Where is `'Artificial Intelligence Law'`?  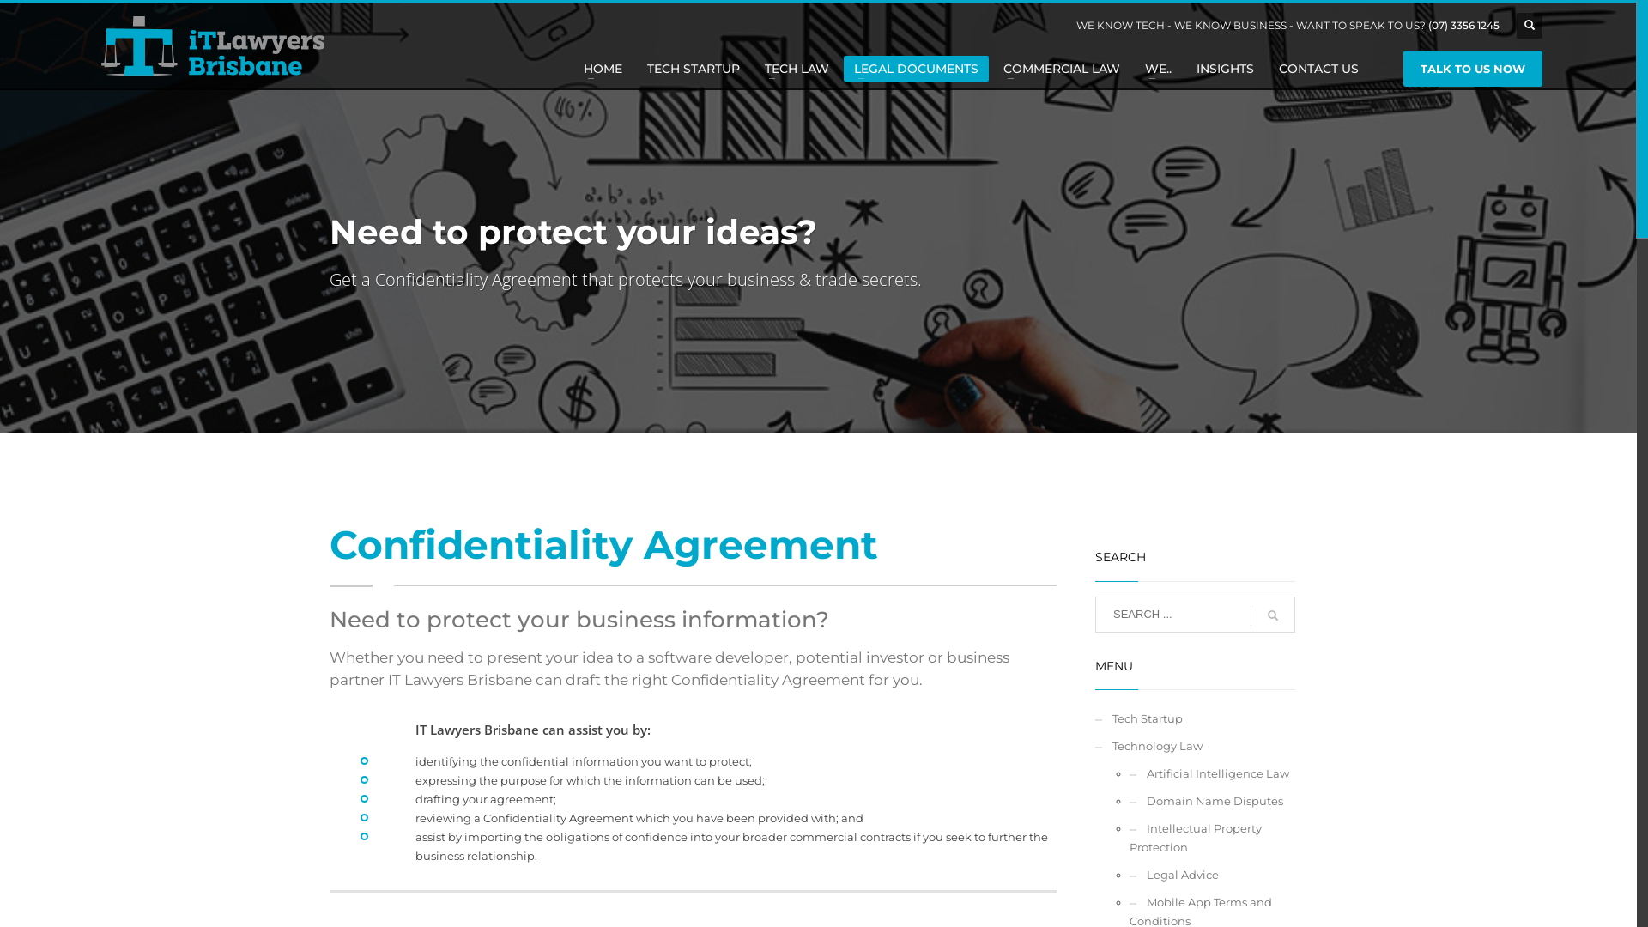 'Artificial Intelligence Law' is located at coordinates (1211, 773).